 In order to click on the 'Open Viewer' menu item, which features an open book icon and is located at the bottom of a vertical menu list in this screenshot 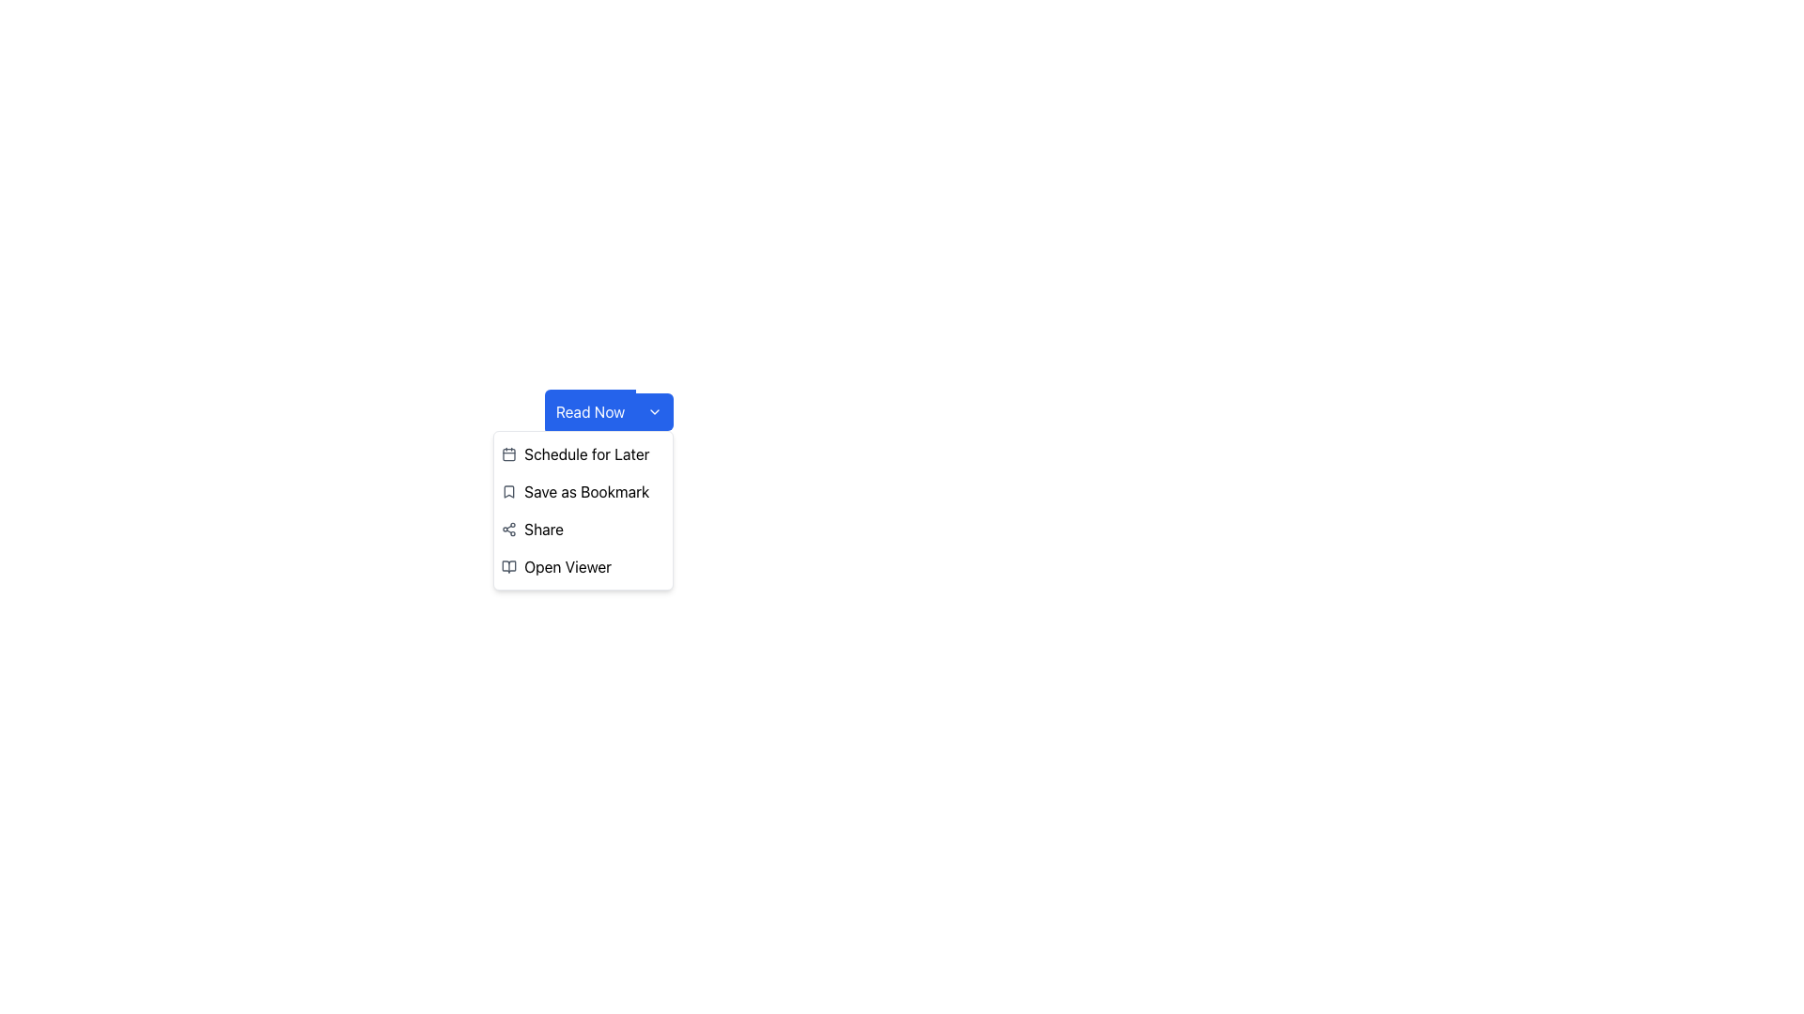, I will do `click(583, 566)`.